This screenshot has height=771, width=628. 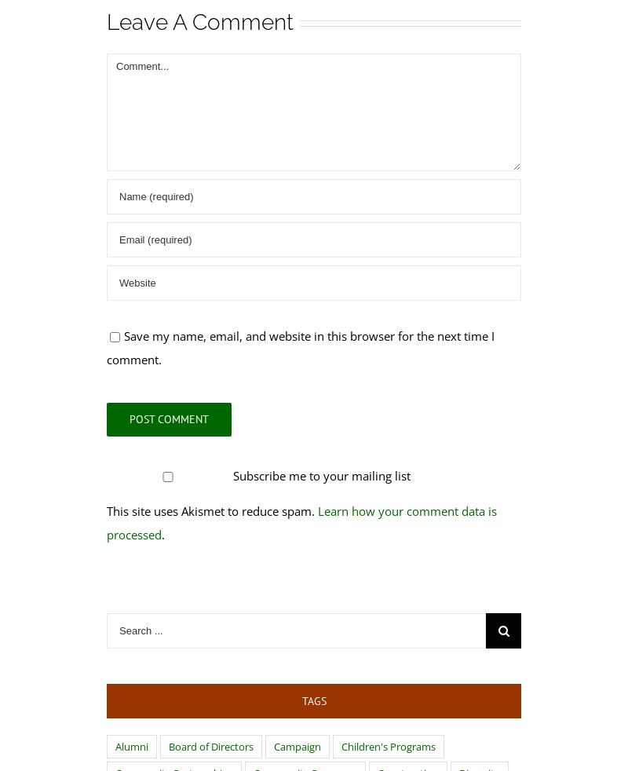 I want to click on 'Children's Programs', so click(x=388, y=746).